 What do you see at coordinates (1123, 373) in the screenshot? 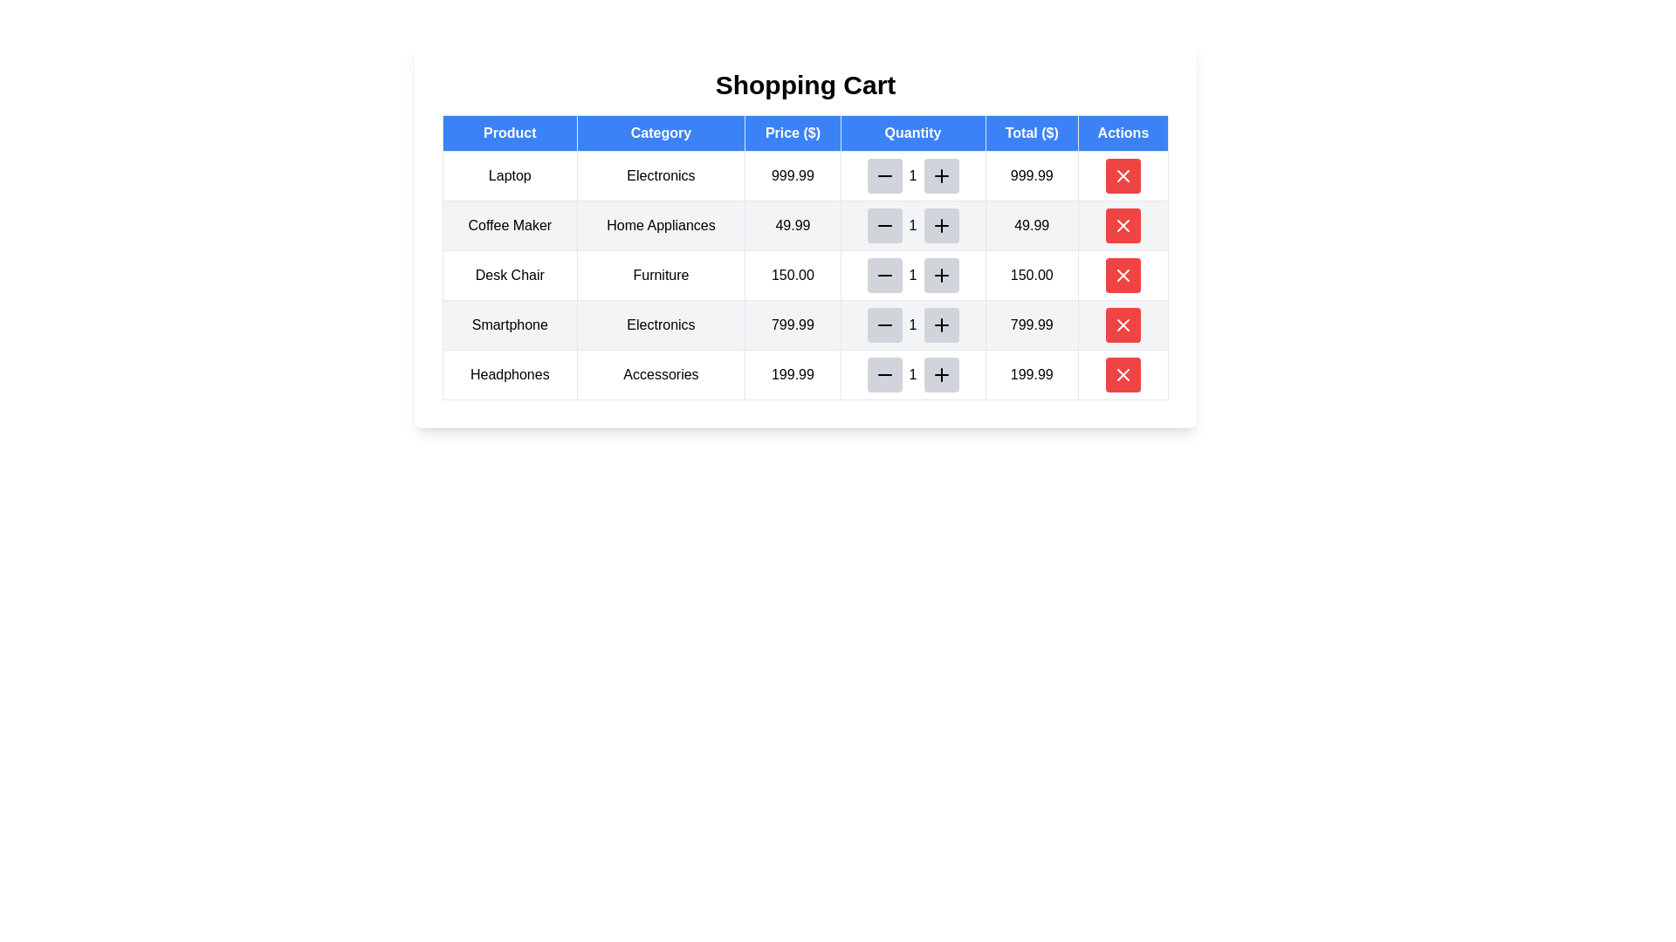
I see `the delete button located in the 'Actions' column of the shopping cart table for the 'Headphones' product` at bounding box center [1123, 373].